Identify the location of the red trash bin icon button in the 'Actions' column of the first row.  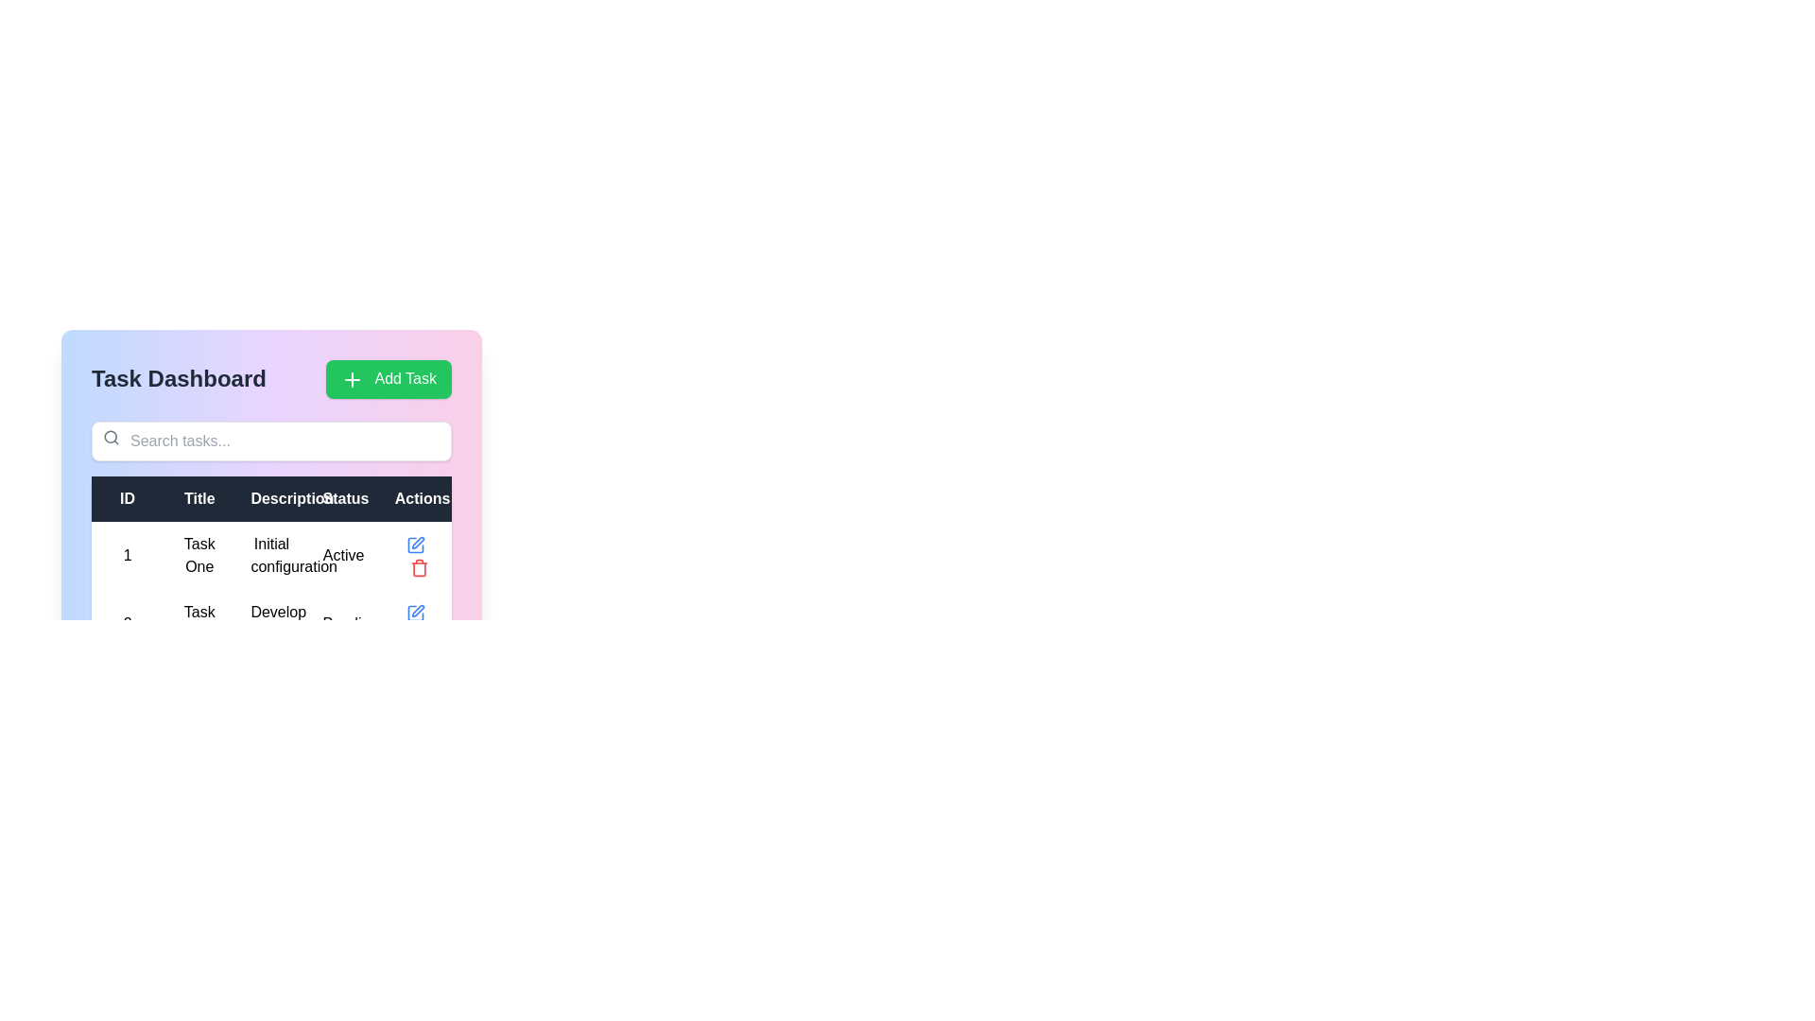
(418, 566).